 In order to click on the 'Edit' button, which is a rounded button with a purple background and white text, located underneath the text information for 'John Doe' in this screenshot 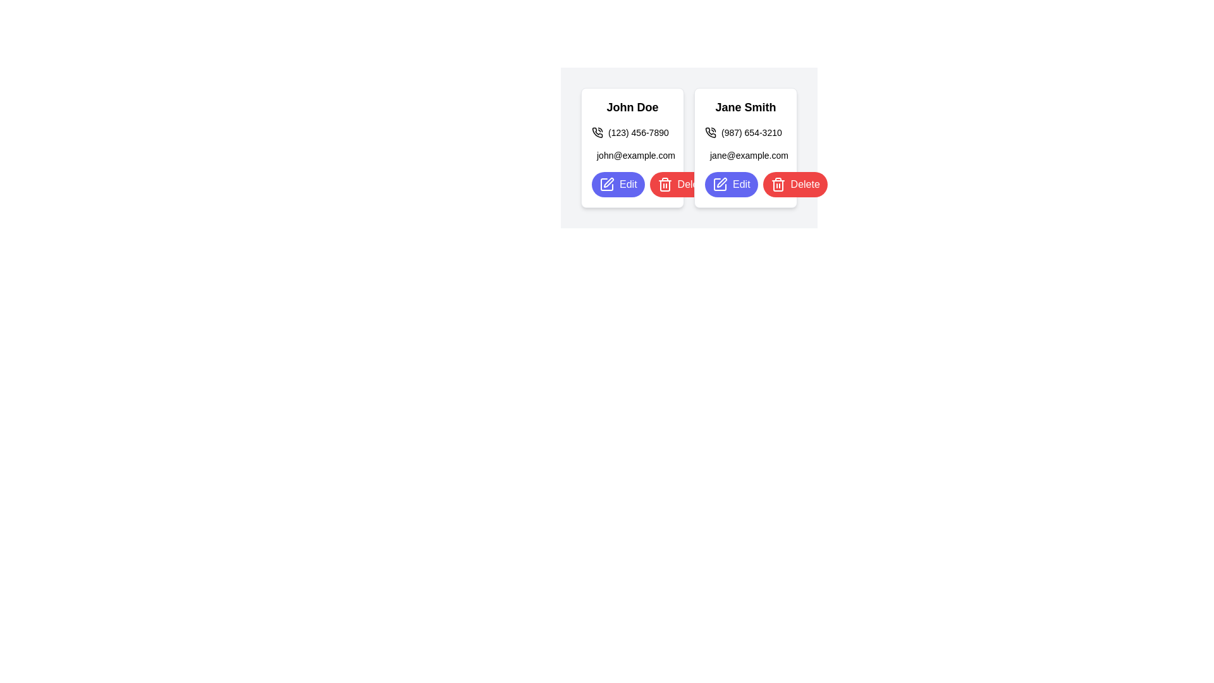, I will do `click(618, 185)`.